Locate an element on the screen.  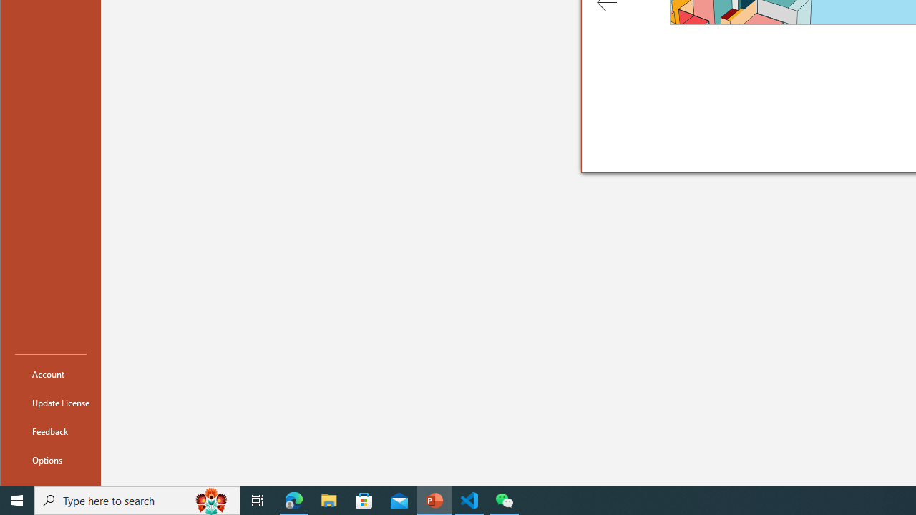
'Update License' is located at coordinates (51, 403).